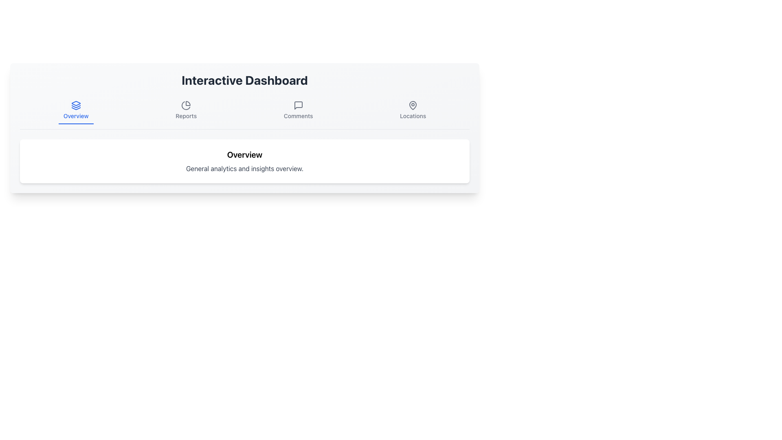 This screenshot has height=440, width=782. Describe the element at coordinates (76, 116) in the screenshot. I see `text element displaying 'Overview' located beneath the layers icon in the navigation bar` at that location.